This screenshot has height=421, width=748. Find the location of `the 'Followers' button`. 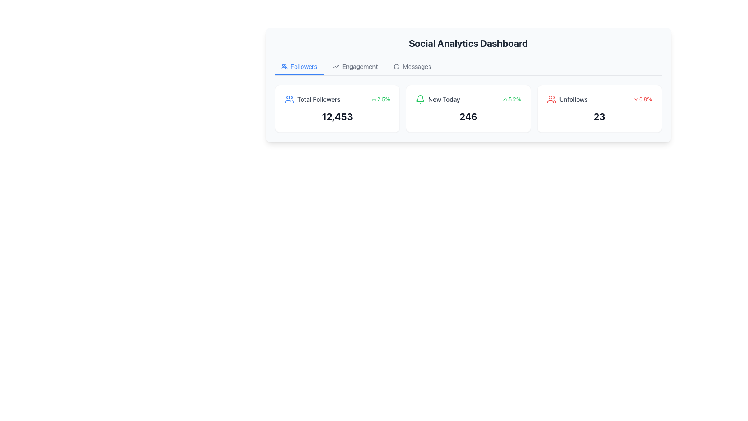

the 'Followers' button is located at coordinates (299, 67).